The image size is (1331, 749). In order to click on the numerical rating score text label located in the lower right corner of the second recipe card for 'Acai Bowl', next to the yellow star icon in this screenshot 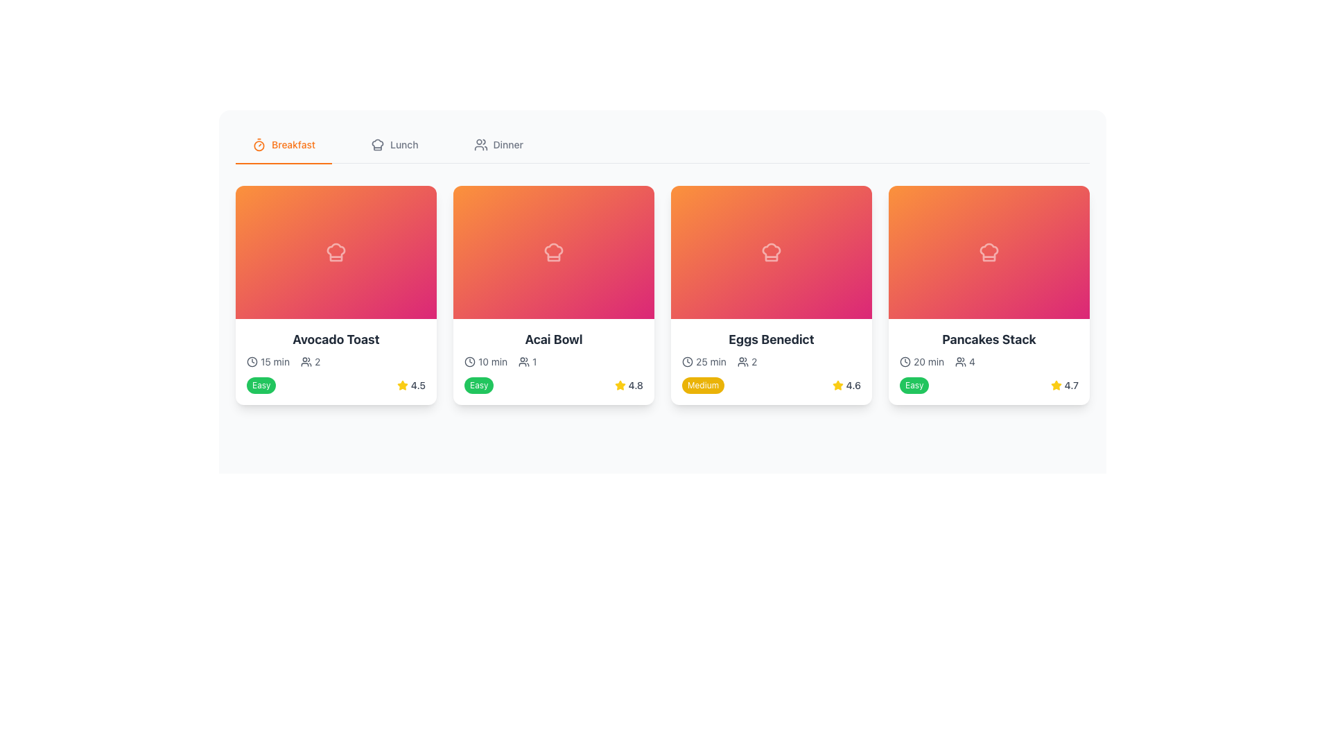, I will do `click(635, 385)`.